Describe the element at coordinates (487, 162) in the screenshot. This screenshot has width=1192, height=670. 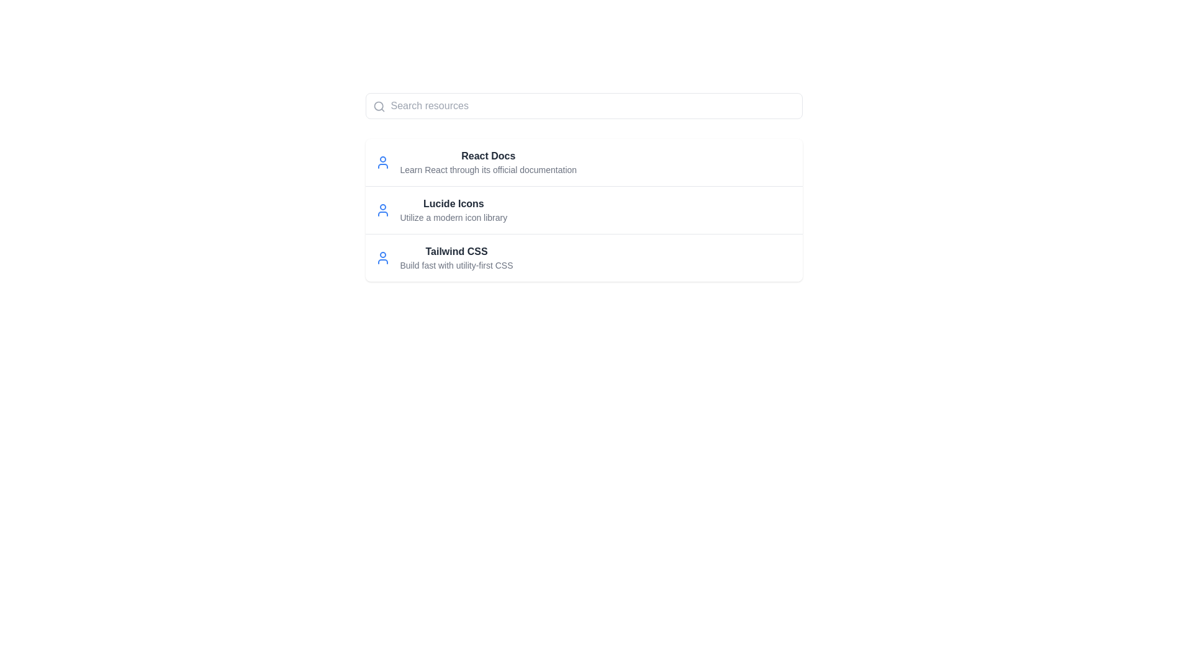
I see `list item containing 'React Docs' and its description in the documentation list interface` at that location.